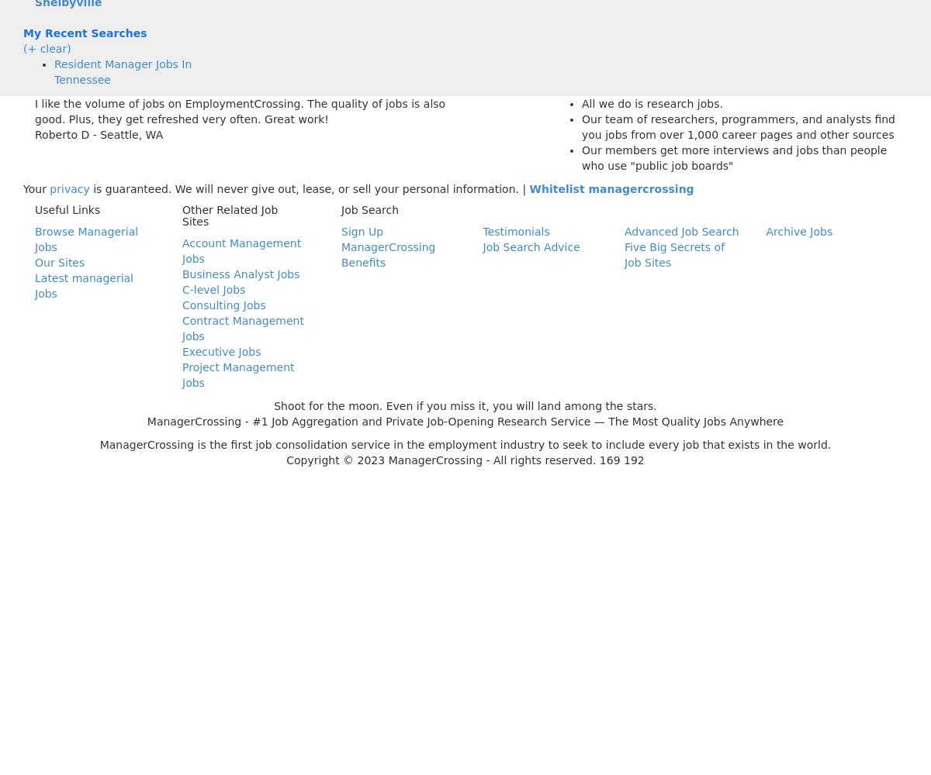  I want to click on 'Our Sites', so click(60, 262).